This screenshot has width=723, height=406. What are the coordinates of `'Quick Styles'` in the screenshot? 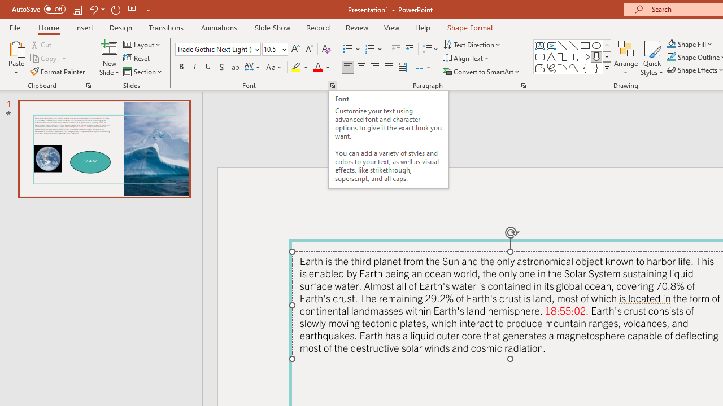 It's located at (652, 58).